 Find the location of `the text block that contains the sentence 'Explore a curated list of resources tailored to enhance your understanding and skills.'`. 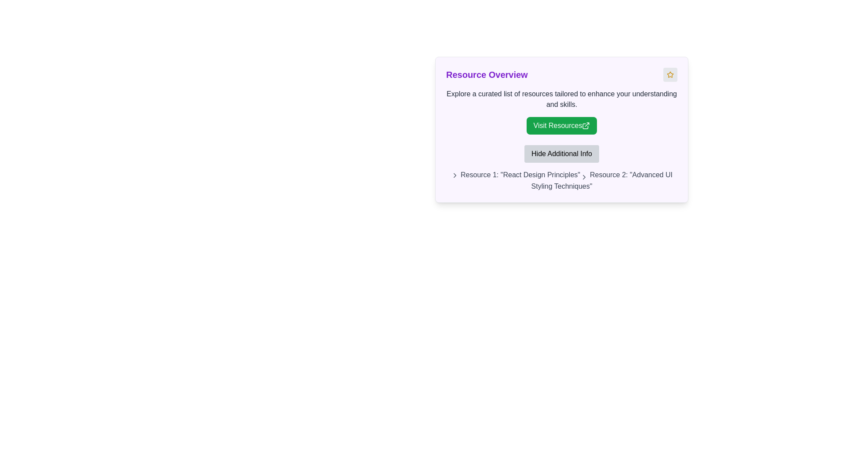

the text block that contains the sentence 'Explore a curated list of resources tailored to enhance your understanding and skills.' is located at coordinates (561, 99).